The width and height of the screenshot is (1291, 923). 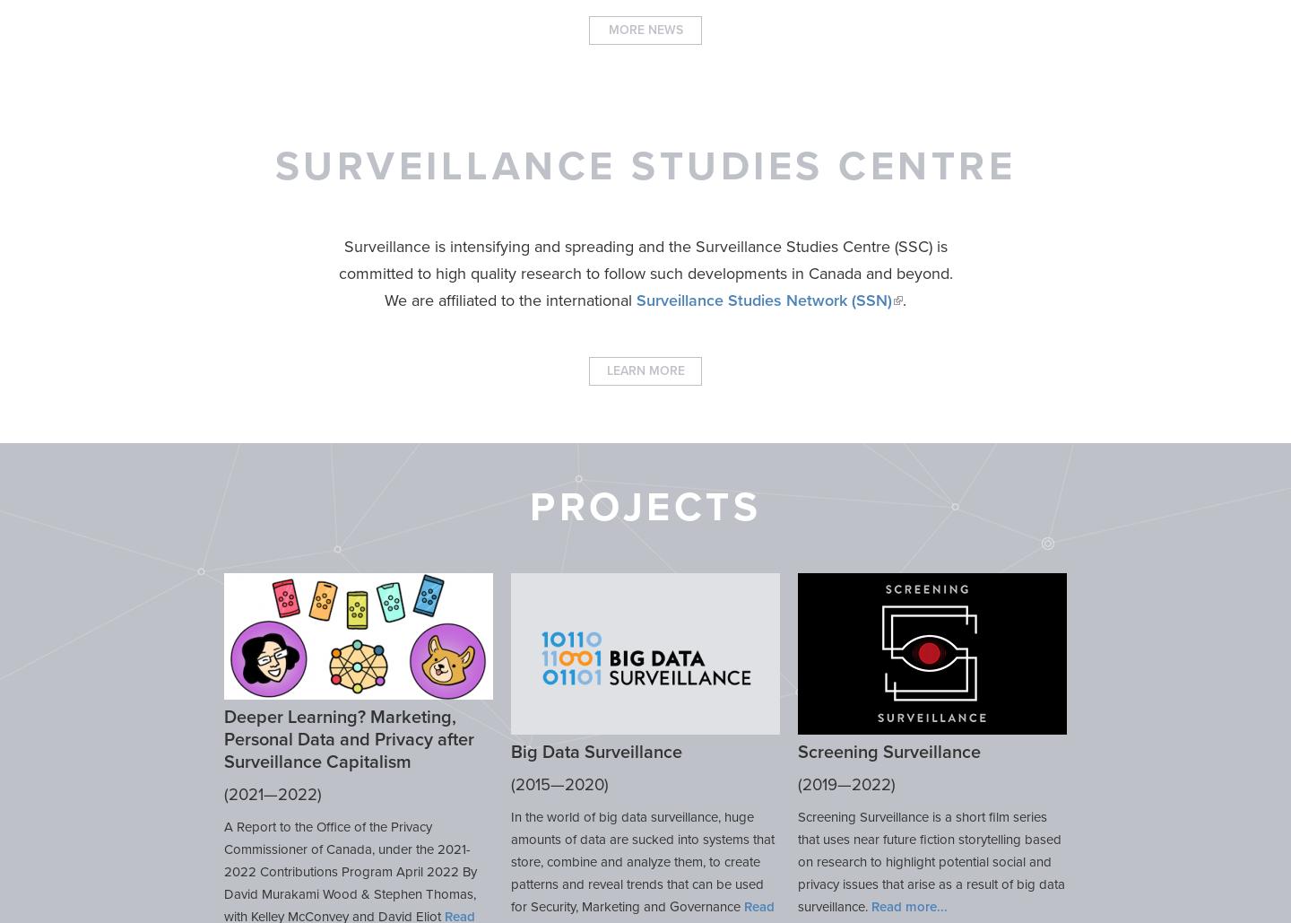 I want to click on 'Projects', so click(x=529, y=506).